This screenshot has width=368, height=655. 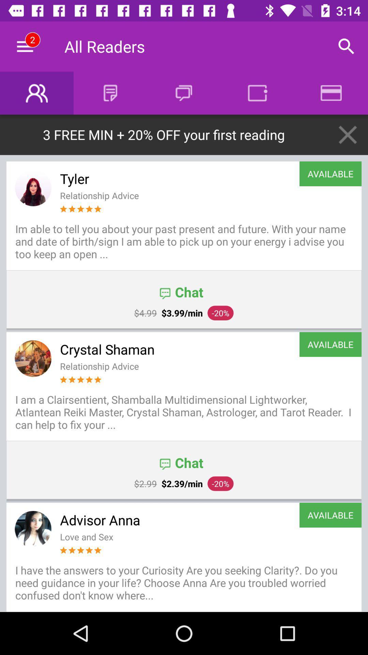 What do you see at coordinates (348, 135) in the screenshot?
I see `icon next to 3 free min icon` at bounding box center [348, 135].